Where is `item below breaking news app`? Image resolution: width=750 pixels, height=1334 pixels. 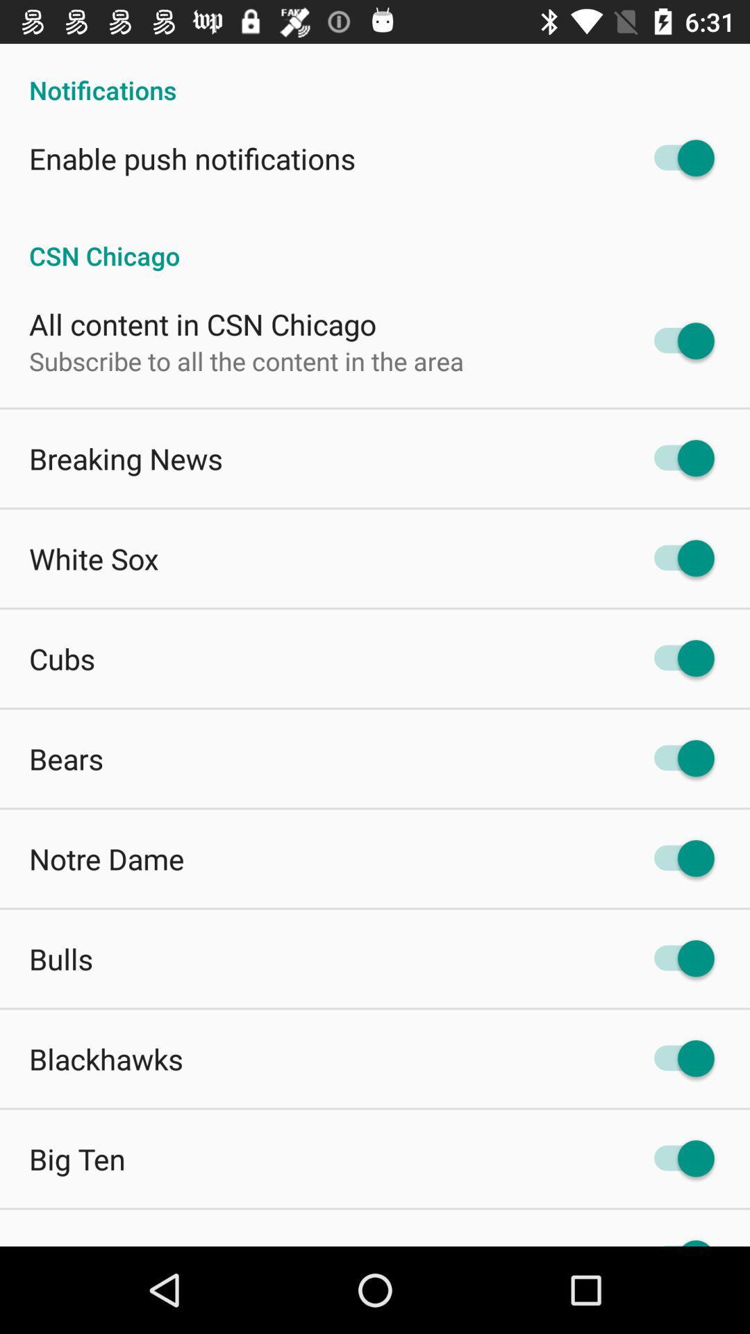 item below breaking news app is located at coordinates (94, 559).